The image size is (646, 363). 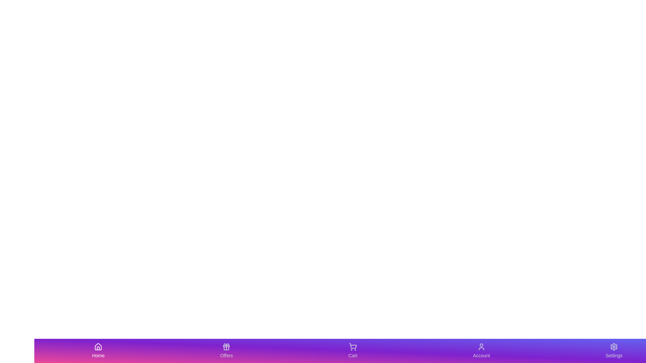 I want to click on the tab labeled Home, so click(x=98, y=351).